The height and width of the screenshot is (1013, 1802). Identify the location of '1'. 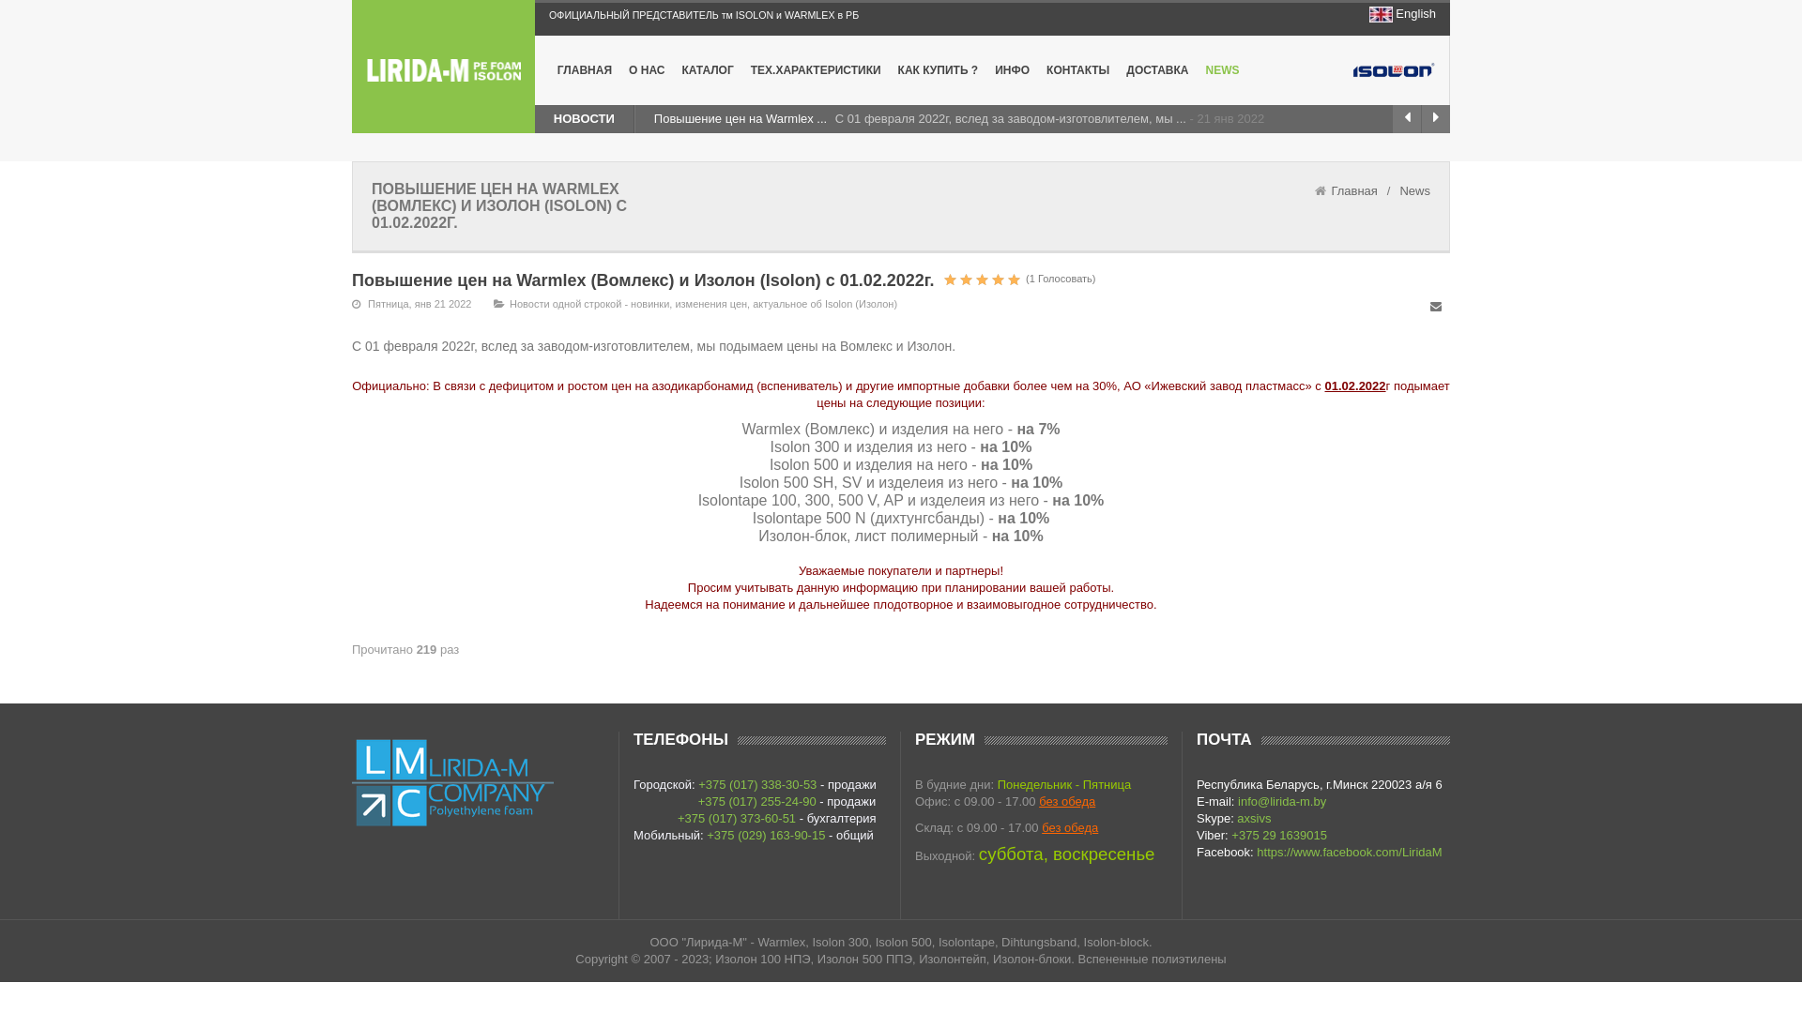
(950, 279).